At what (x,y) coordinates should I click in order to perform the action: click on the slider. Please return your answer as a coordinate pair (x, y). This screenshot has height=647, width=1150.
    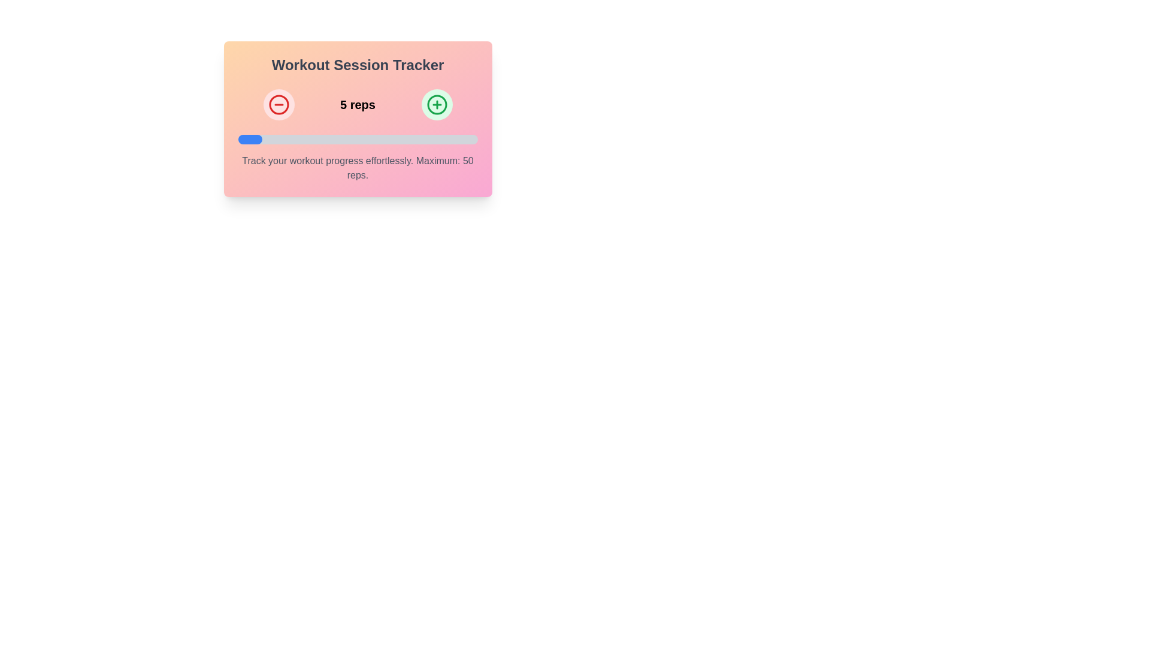
    Looking at the image, I should click on (245, 138).